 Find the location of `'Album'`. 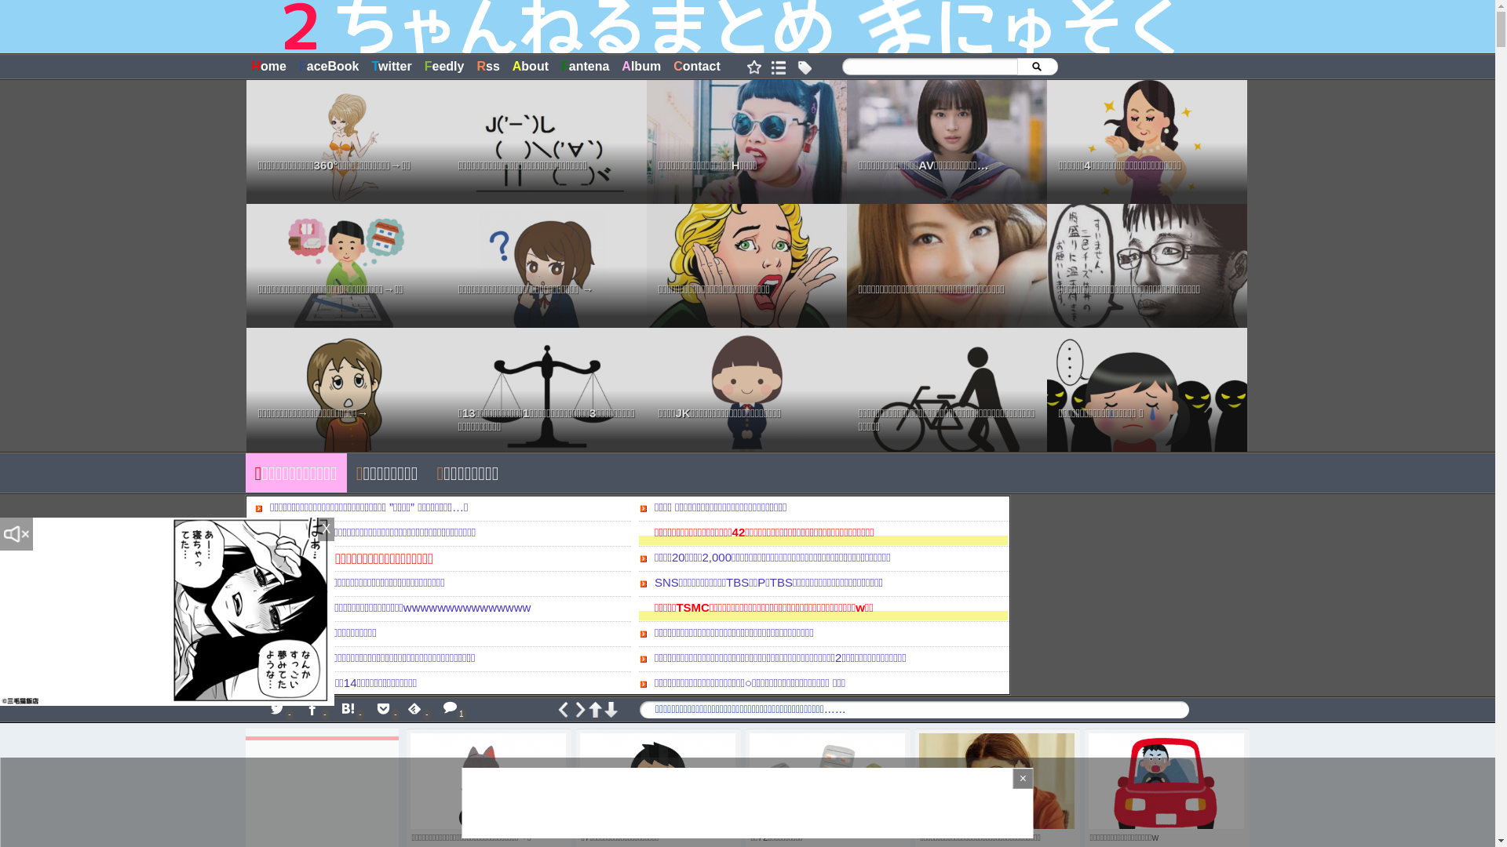

'Album' is located at coordinates (640, 65).